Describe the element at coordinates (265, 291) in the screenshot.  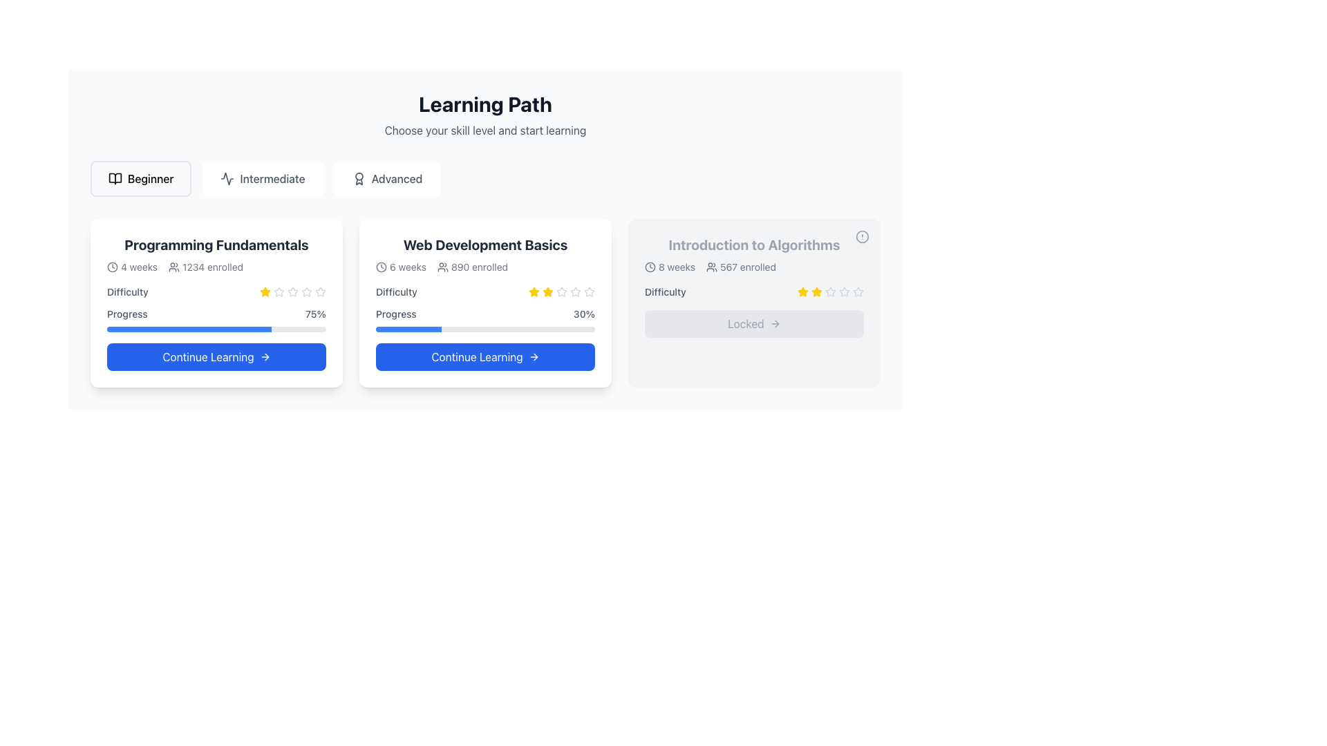
I see `the leftmost star icon in the rating component under the 'Difficulty' label of the 'Programming Fundamentals' card to interact with it` at that location.